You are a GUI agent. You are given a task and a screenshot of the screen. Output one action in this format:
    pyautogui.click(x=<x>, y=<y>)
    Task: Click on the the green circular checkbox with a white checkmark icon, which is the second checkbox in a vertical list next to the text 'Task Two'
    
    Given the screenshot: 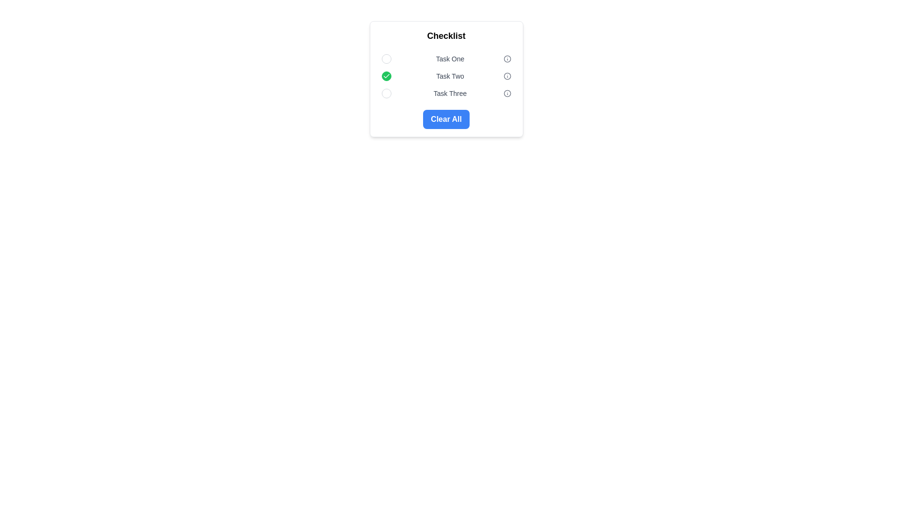 What is the action you would take?
    pyautogui.click(x=386, y=75)
    